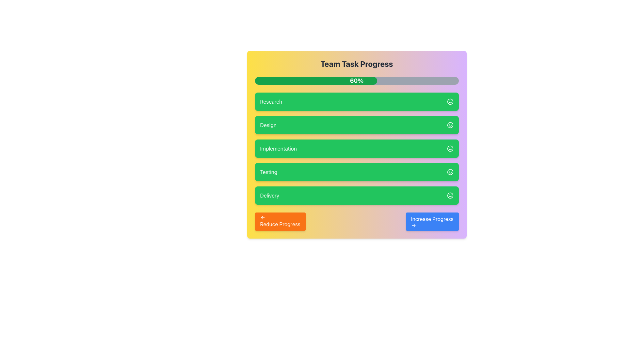 The width and height of the screenshot is (627, 352). Describe the element at coordinates (263, 217) in the screenshot. I see `the leftward-pointing arrow icon located on the 'Reduce Progress' button with white text on an orange background, positioned at the bottom left of the interface` at that location.